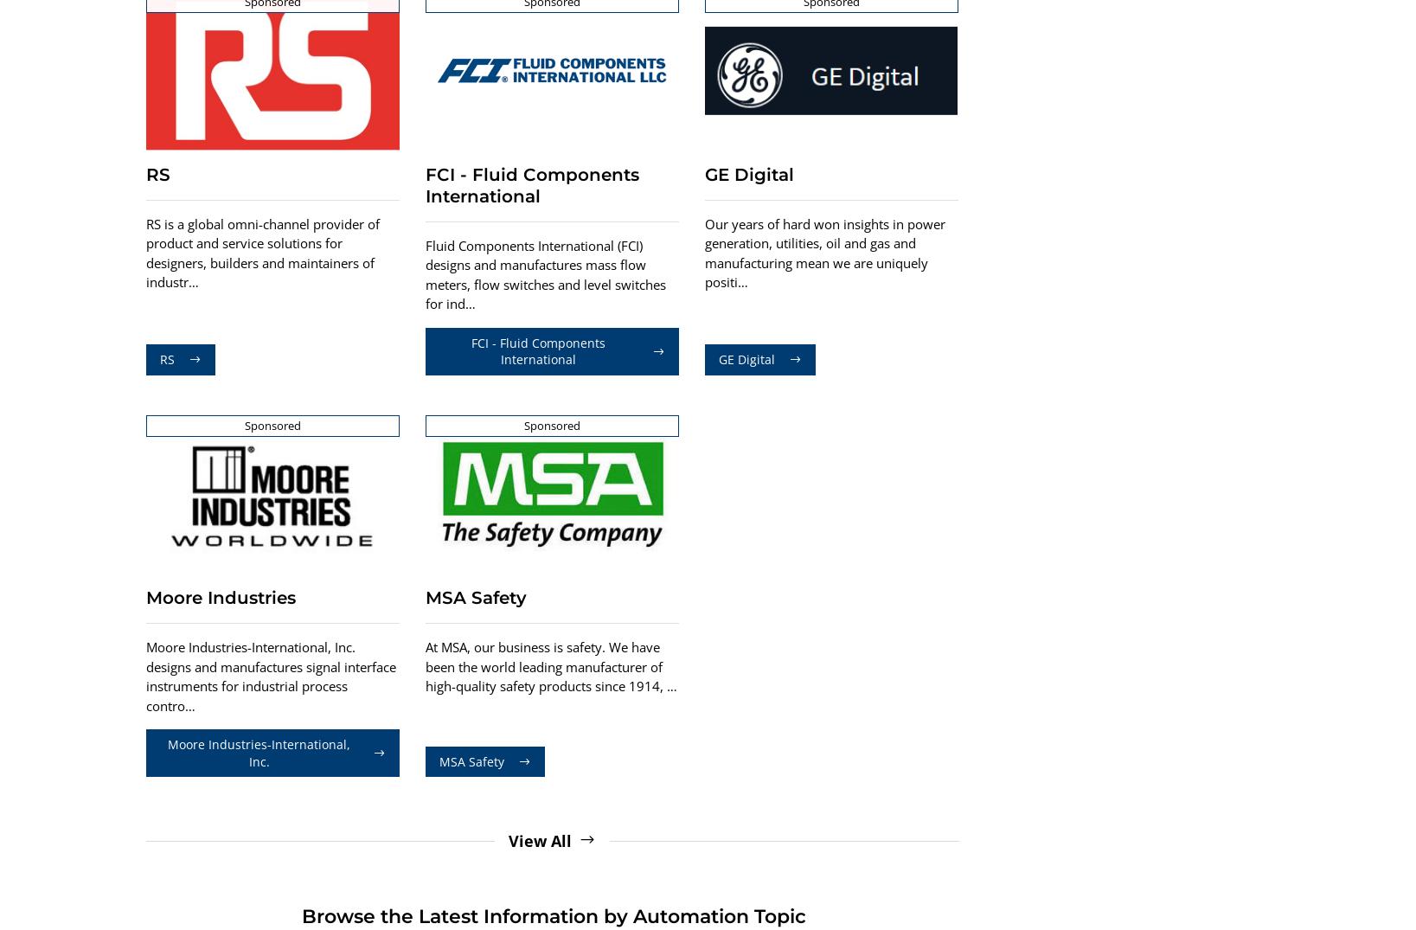 This screenshot has width=1416, height=930. What do you see at coordinates (298, 916) in the screenshot?
I see `'Browse the Latest Information by Automation Topic'` at bounding box center [298, 916].